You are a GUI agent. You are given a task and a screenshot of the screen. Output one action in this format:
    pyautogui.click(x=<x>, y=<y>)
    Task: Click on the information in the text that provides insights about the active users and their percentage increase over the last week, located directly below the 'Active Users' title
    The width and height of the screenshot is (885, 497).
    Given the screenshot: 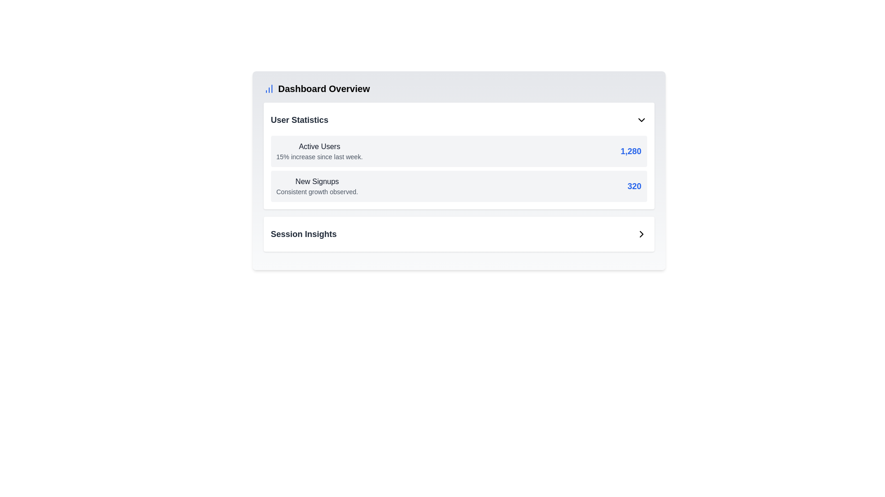 What is the action you would take?
    pyautogui.click(x=319, y=156)
    